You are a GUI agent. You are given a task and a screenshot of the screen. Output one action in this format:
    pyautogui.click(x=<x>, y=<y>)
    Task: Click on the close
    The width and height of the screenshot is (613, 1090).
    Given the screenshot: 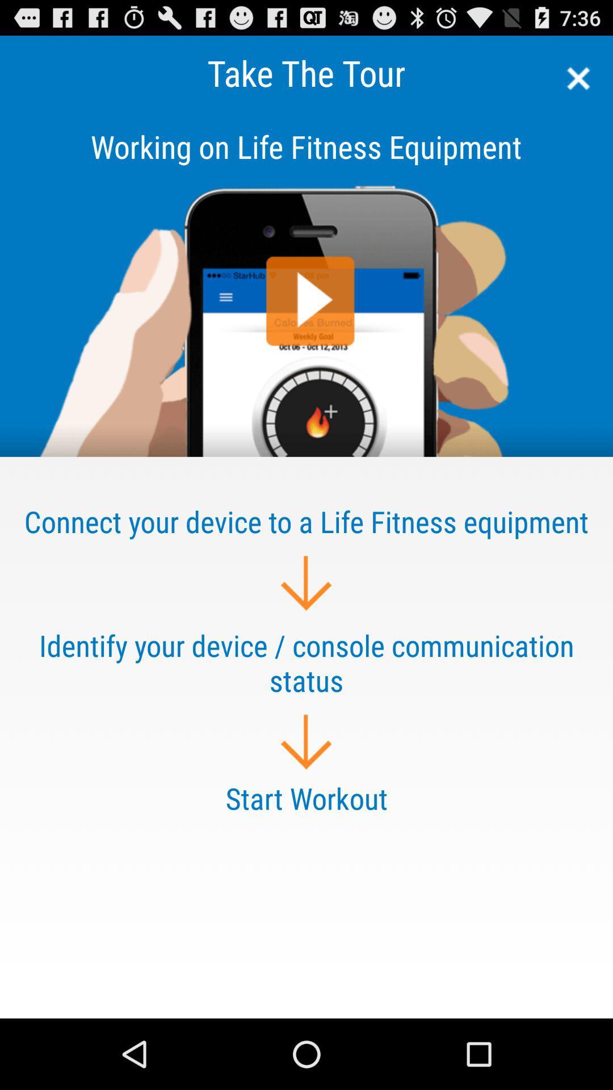 What is the action you would take?
    pyautogui.click(x=574, y=78)
    